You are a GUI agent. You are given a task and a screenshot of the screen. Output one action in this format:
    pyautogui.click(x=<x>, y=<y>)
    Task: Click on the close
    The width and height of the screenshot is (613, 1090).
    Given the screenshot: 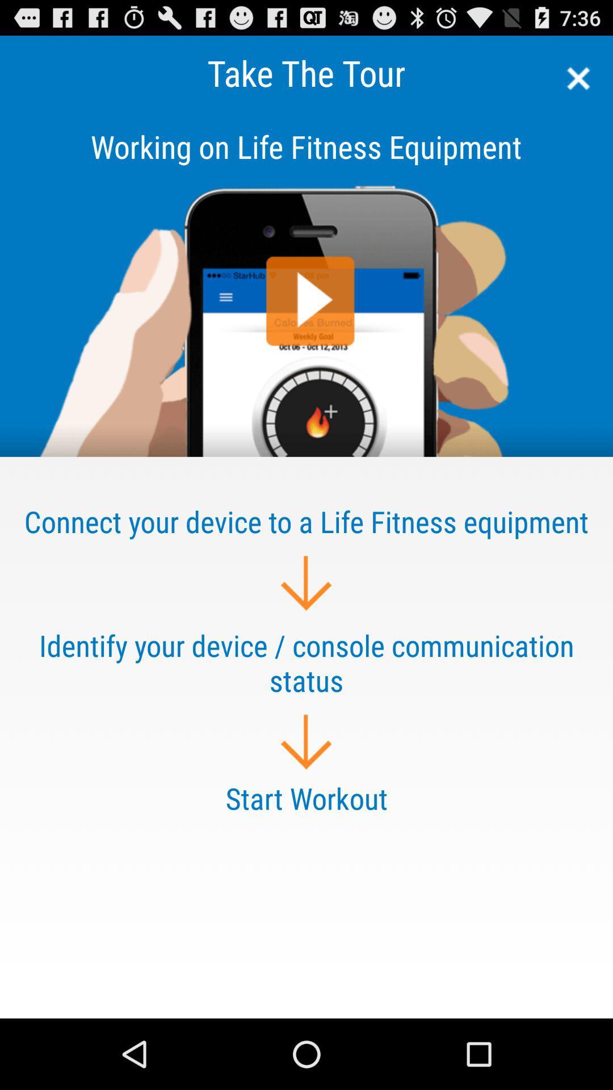 What is the action you would take?
    pyautogui.click(x=574, y=78)
    